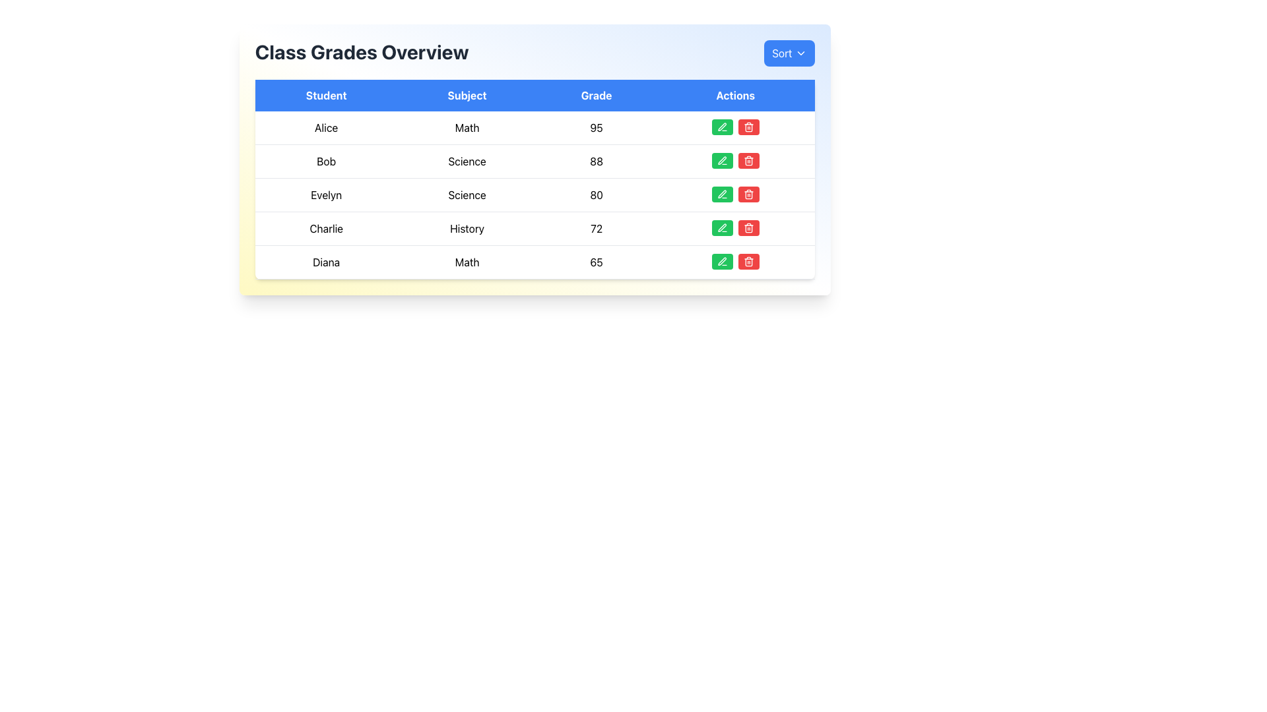  Describe the element at coordinates (748, 227) in the screenshot. I see `the delete button in the Actions column for the student 'Diana' to change its background color` at that location.